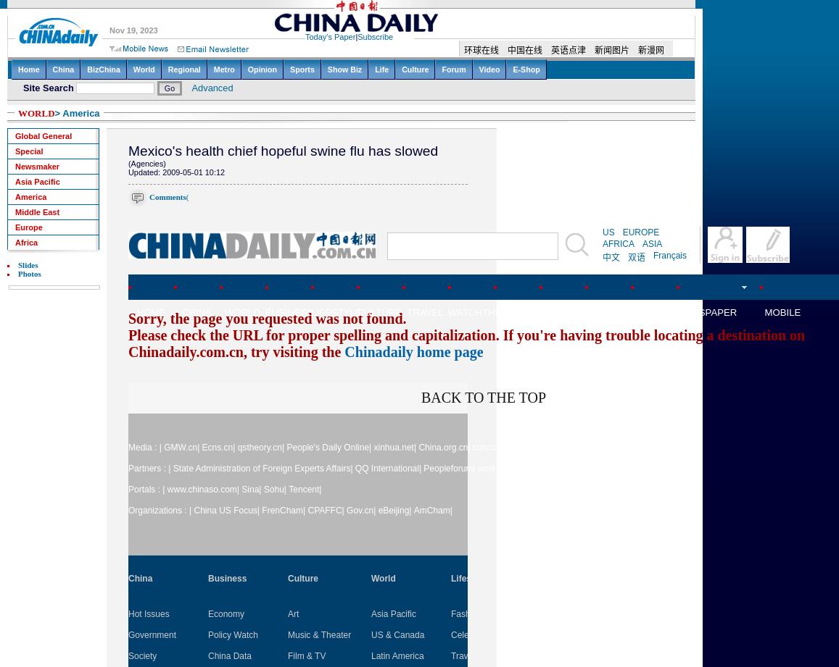 The image size is (839, 667). I want to click on 'CE.cn|', so click(542, 447).